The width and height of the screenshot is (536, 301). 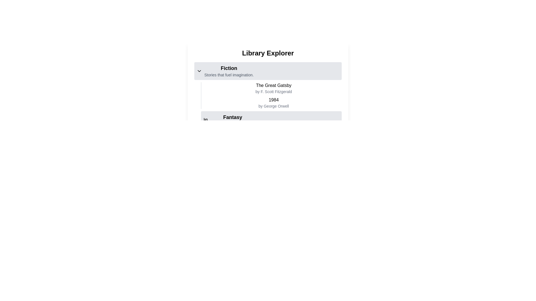 What do you see at coordinates (274, 106) in the screenshot?
I see `the text label displaying 'by George Orwell', which is styled in a smaller font size and lighter gray color, positioned beneath the title '1984' in the Fiction section` at bounding box center [274, 106].